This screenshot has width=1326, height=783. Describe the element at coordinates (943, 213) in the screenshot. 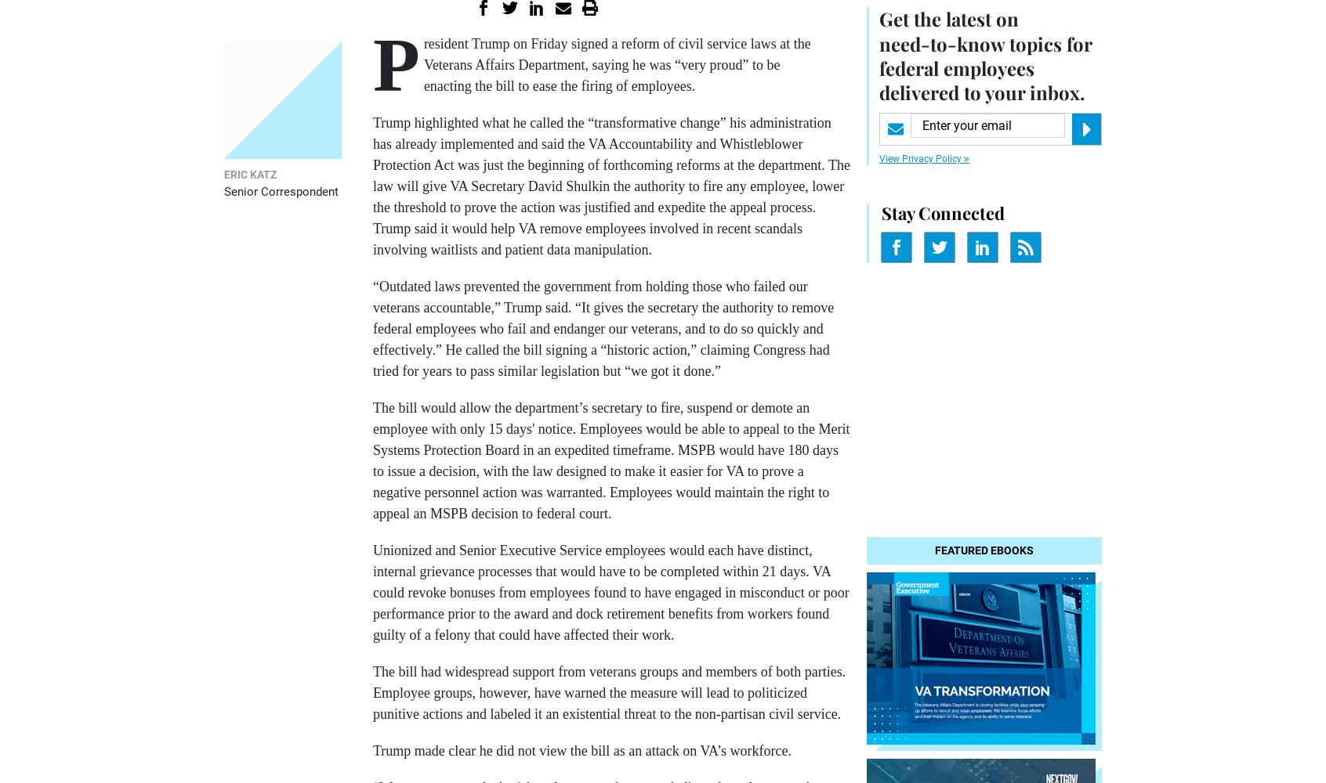

I see `'Stay Connected'` at that location.